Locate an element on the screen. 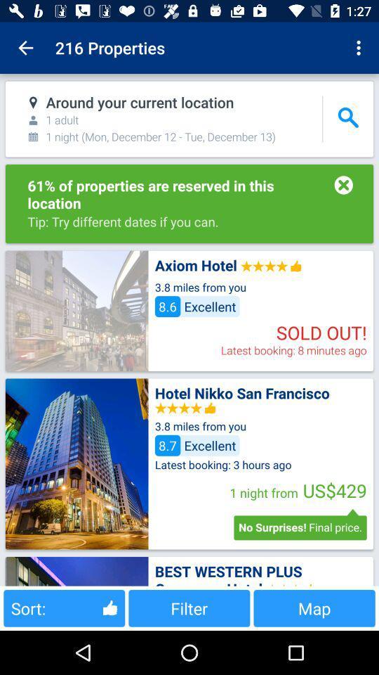 The width and height of the screenshot is (379, 675). show details is located at coordinates (77, 571).